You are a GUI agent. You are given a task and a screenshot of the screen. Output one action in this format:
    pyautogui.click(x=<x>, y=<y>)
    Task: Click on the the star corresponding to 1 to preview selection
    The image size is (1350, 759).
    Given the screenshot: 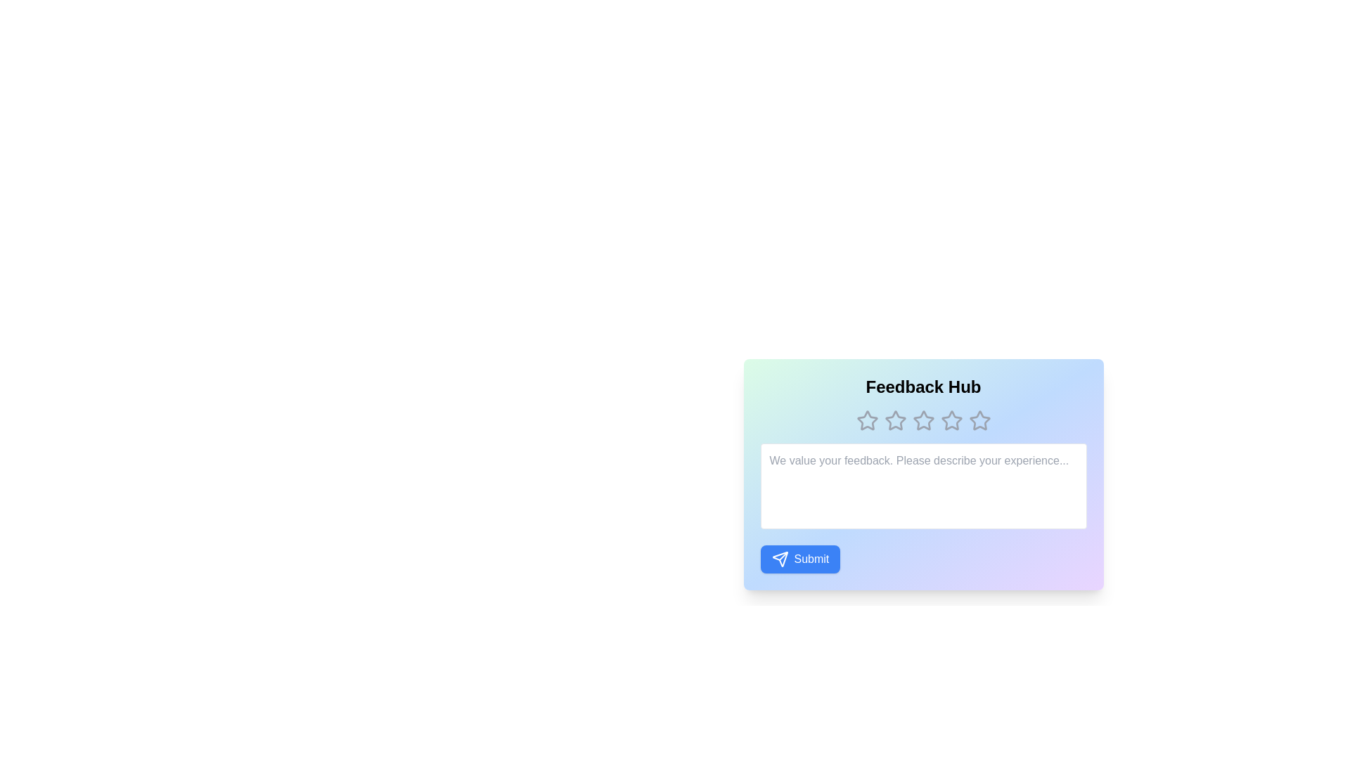 What is the action you would take?
    pyautogui.click(x=866, y=420)
    